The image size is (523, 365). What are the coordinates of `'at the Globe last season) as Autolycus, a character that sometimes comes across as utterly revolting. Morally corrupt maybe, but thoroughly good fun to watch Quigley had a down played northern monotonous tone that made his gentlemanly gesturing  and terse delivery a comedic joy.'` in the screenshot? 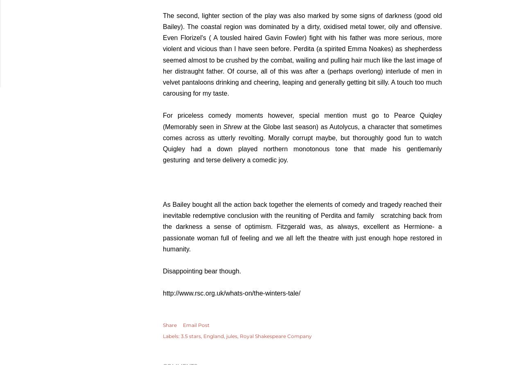 It's located at (302, 143).